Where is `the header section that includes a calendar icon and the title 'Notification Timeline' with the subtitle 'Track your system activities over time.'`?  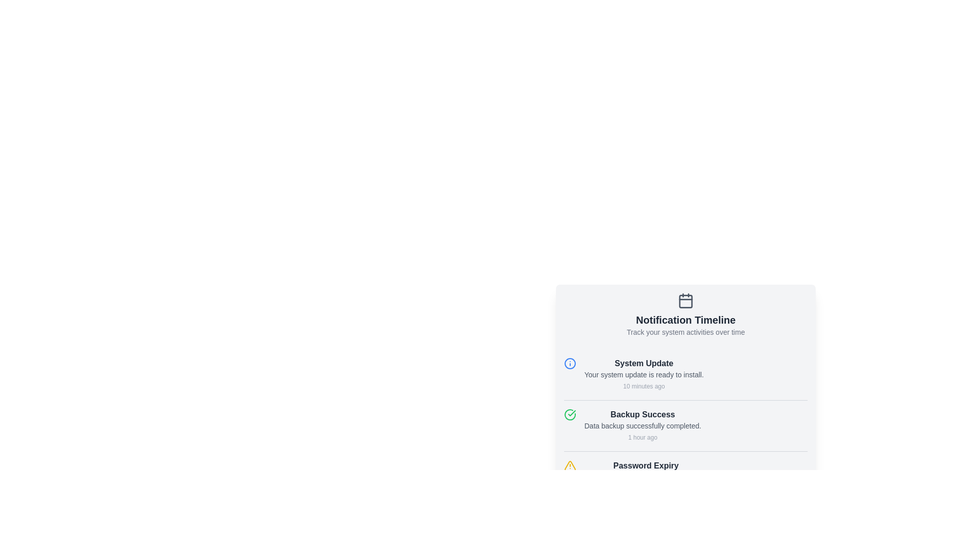
the header section that includes a calendar icon and the title 'Notification Timeline' with the subtitle 'Track your system activities over time.' is located at coordinates (686, 314).